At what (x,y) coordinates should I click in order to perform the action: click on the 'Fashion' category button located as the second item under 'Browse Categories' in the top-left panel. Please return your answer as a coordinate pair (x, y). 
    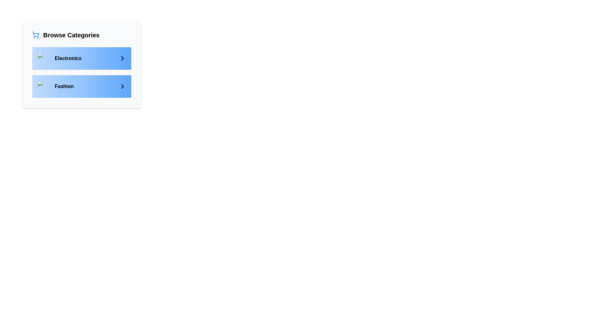
    Looking at the image, I should click on (55, 86).